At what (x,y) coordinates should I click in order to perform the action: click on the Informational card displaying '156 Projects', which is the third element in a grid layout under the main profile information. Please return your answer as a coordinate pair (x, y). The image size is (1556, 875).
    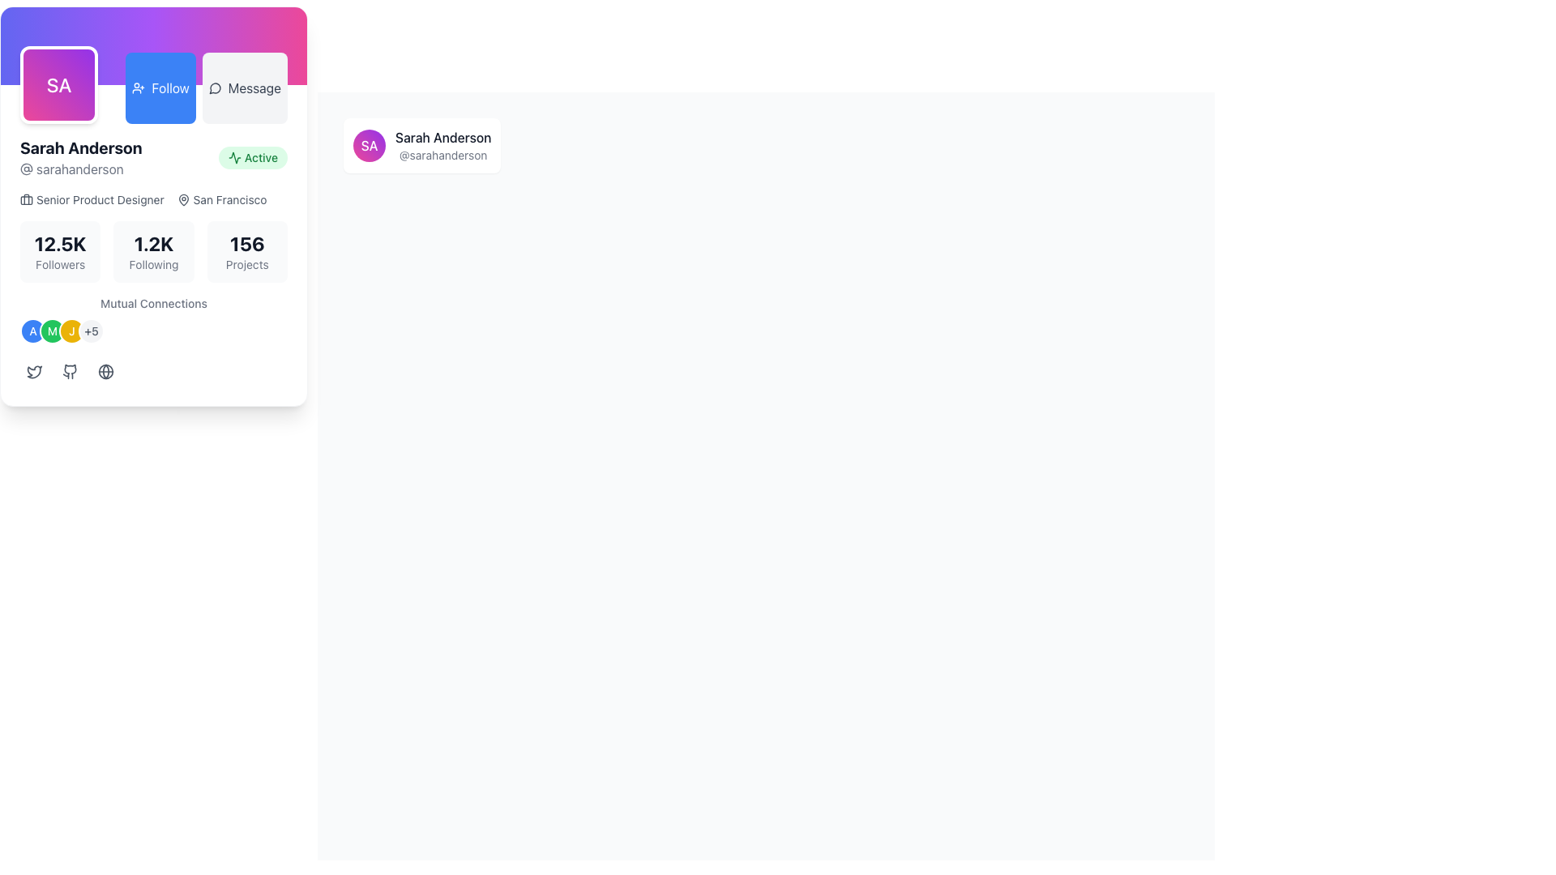
    Looking at the image, I should click on (246, 252).